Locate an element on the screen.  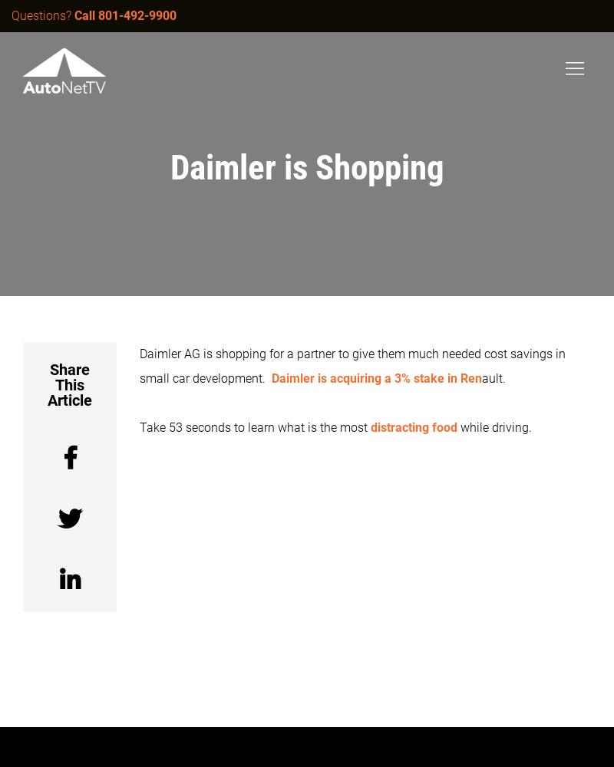
'Share This Article' is located at coordinates (47, 385).